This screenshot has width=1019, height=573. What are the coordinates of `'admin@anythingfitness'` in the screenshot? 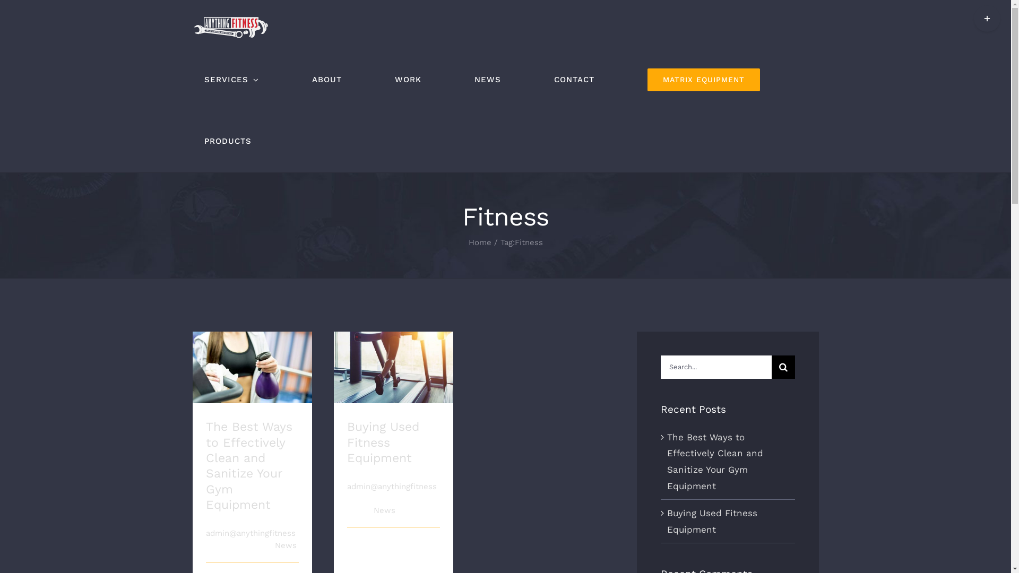 It's located at (250, 533).